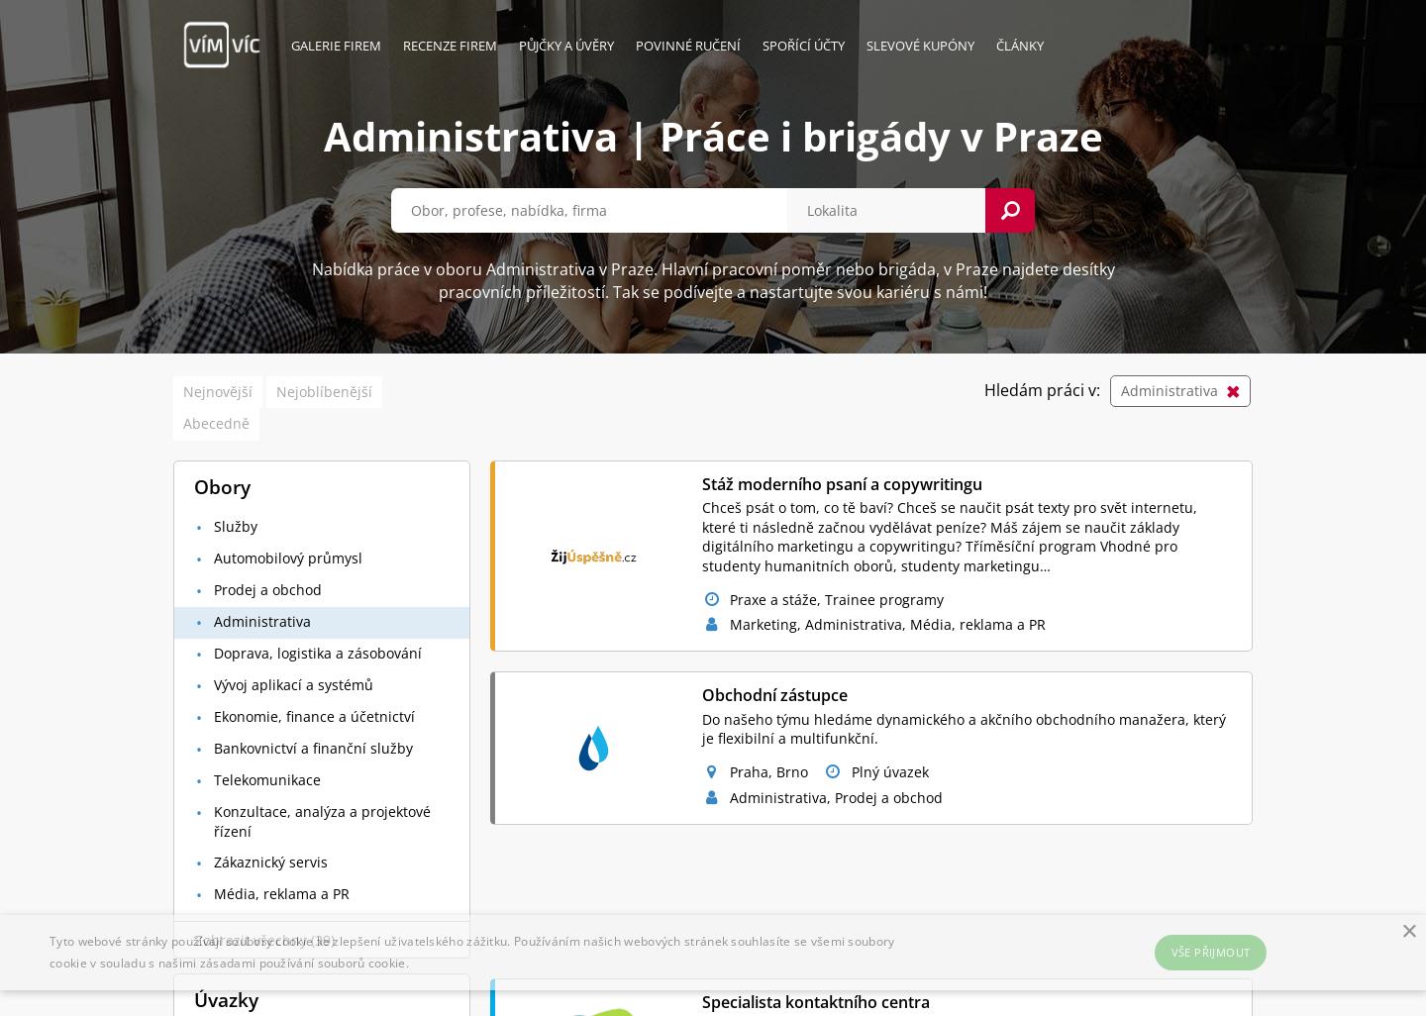  Describe the element at coordinates (214, 652) in the screenshot. I see `'Doprava, logistika a zásobování'` at that location.